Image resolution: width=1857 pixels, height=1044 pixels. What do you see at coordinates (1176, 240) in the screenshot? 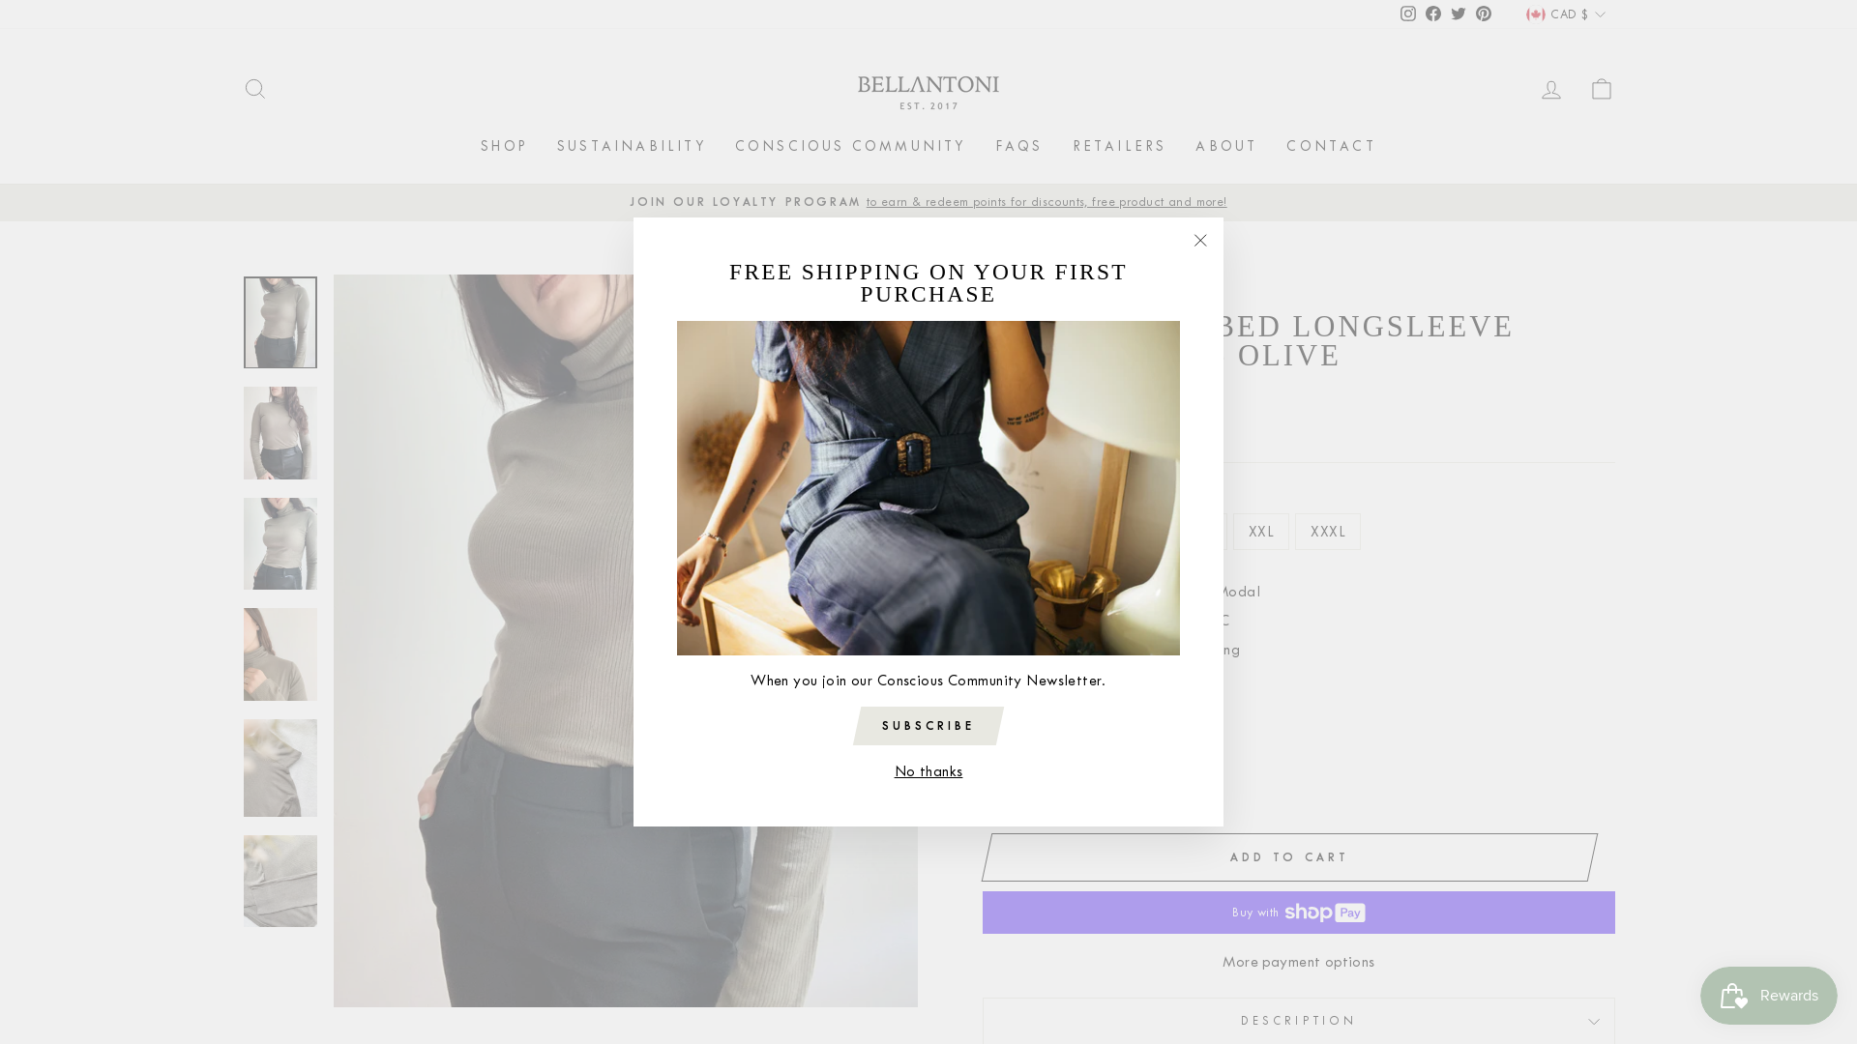
I see `'"Close (esc)"'` at bounding box center [1176, 240].